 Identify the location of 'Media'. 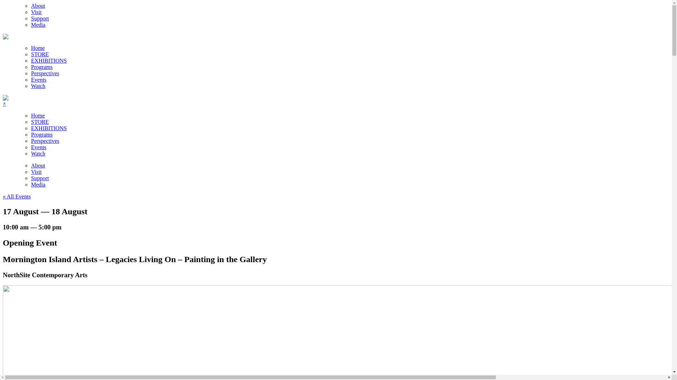
(38, 184).